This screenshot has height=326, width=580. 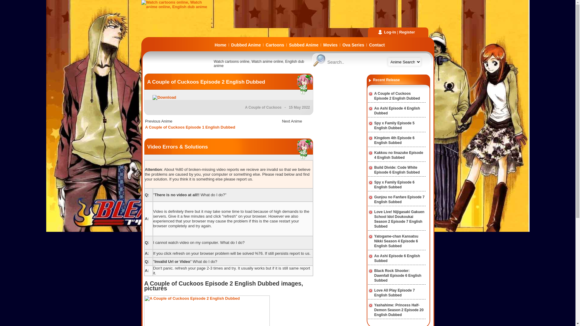 What do you see at coordinates (330, 45) in the screenshot?
I see `'Movies'` at bounding box center [330, 45].